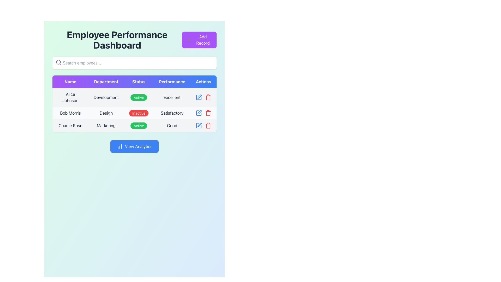 This screenshot has height=282, width=501. Describe the element at coordinates (134, 97) in the screenshot. I see `the 'Active' label in the 'Status' column of the 'Employee Performance Dashboard' to indicate the current status of the employee` at that location.